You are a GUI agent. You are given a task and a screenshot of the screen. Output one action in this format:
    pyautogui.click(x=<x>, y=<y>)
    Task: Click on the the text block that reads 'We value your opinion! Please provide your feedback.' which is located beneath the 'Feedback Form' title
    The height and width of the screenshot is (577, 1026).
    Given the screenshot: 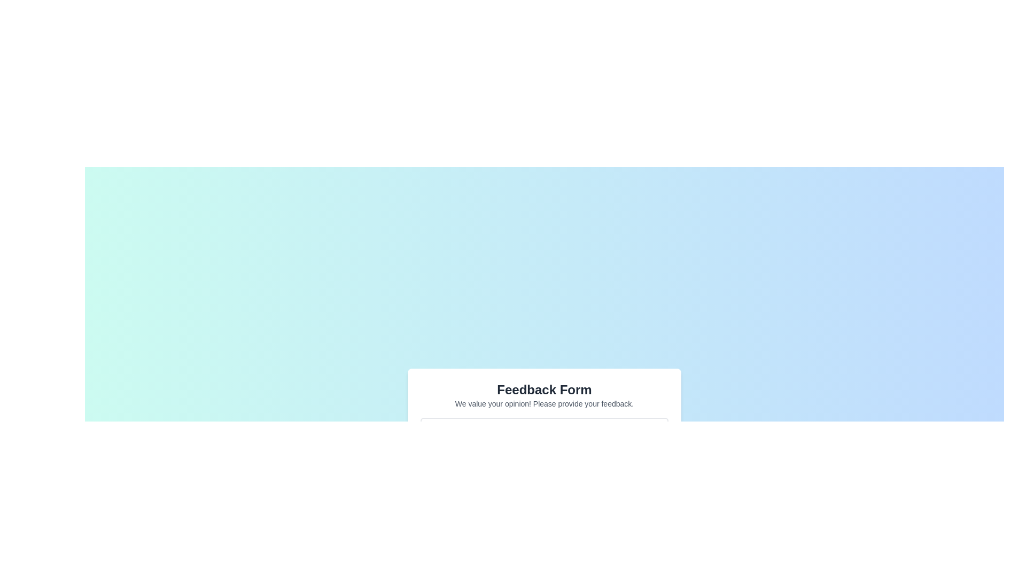 What is the action you would take?
    pyautogui.click(x=544, y=403)
    